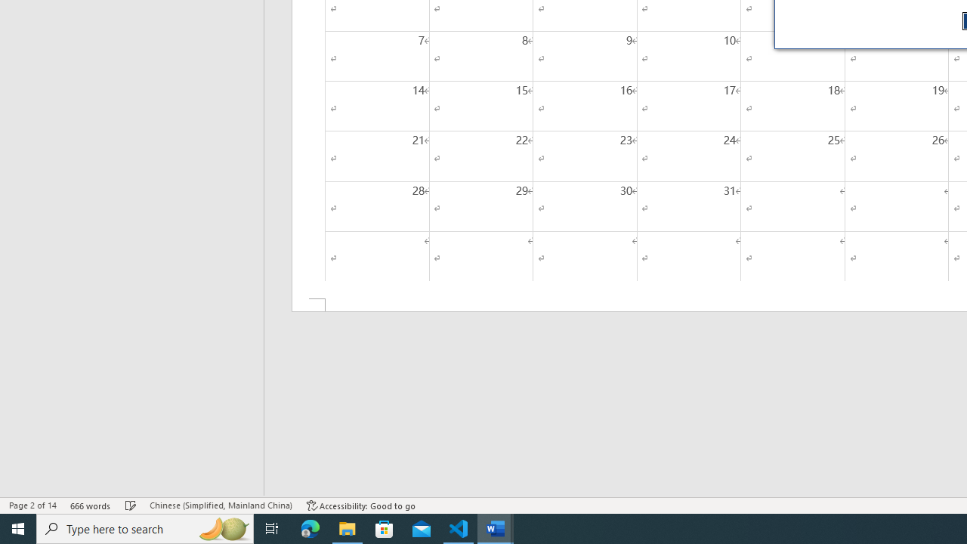 The image size is (967, 544). Describe the element at coordinates (131, 505) in the screenshot. I see `'Spelling and Grammar Check Checking'` at that location.